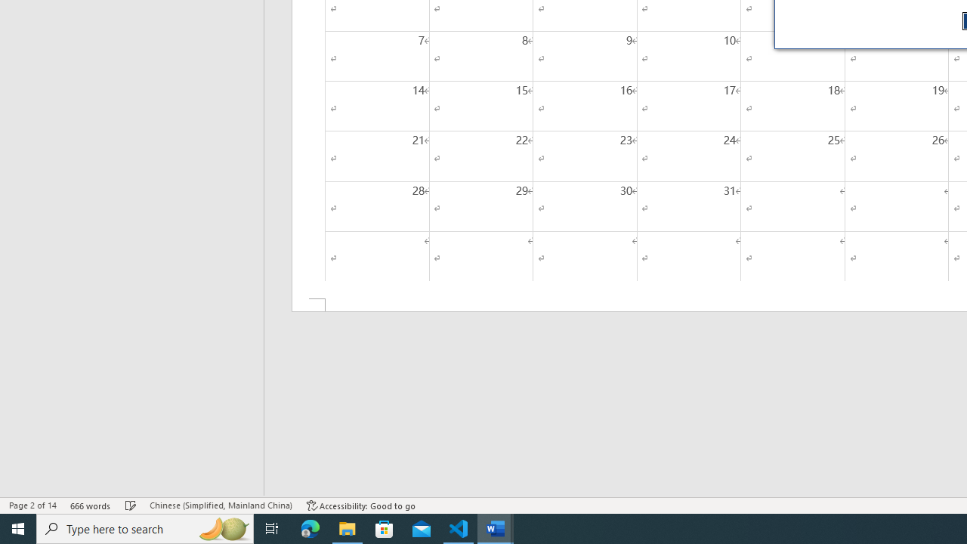 The image size is (967, 544). Describe the element at coordinates (131, 505) in the screenshot. I see `'Spelling and Grammar Check Checking'` at that location.